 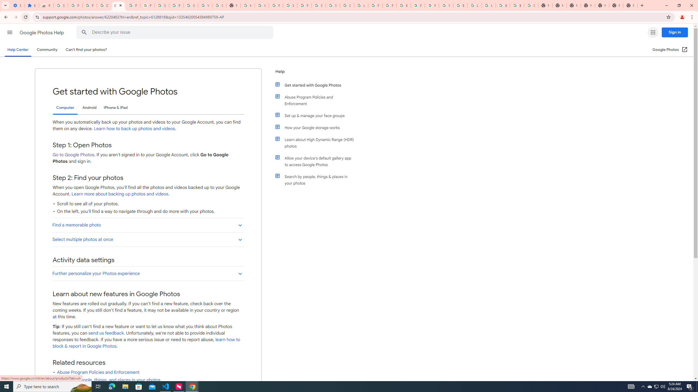 What do you see at coordinates (47, 49) in the screenshot?
I see `'Community'` at bounding box center [47, 49].